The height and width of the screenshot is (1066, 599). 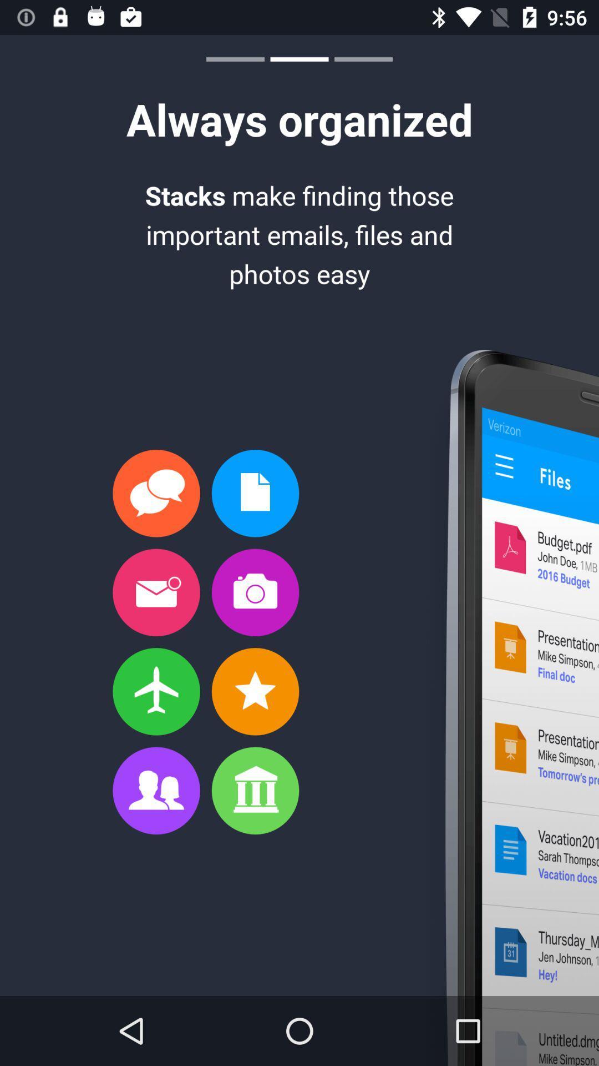 What do you see at coordinates (156, 592) in the screenshot?
I see `the icon which is at the second row first column` at bounding box center [156, 592].